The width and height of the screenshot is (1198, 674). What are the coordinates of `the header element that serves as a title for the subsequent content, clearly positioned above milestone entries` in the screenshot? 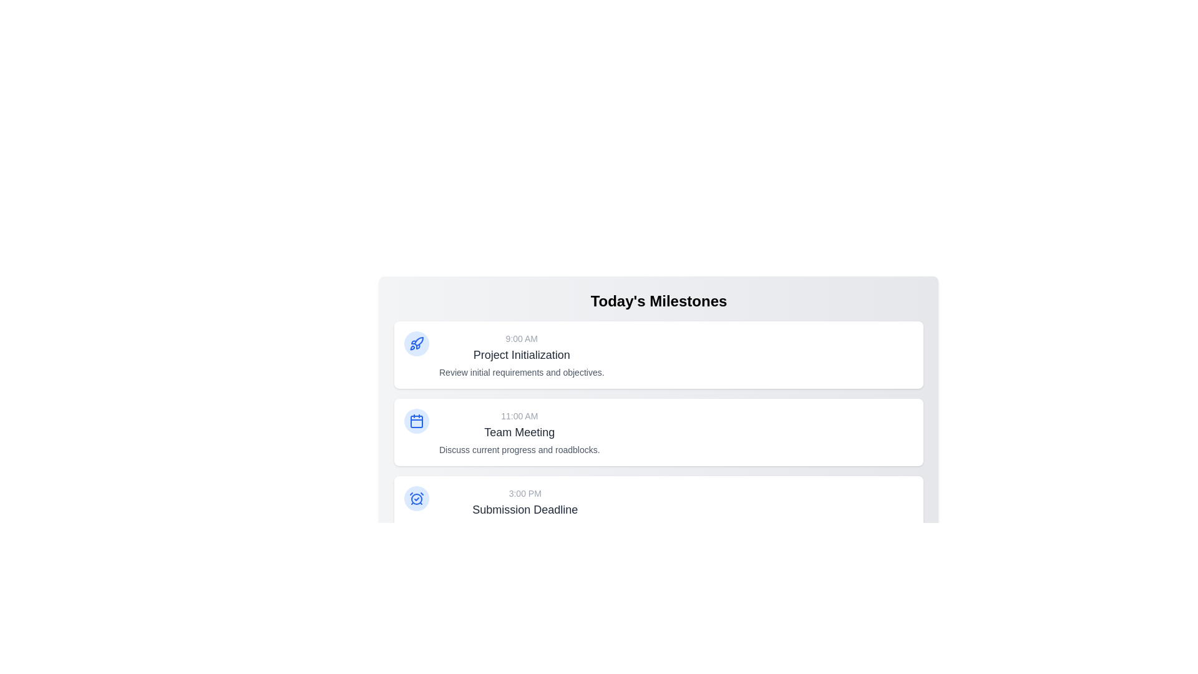 It's located at (658, 301).